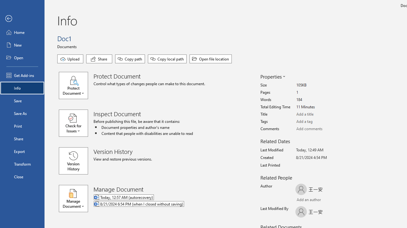 Image resolution: width=407 pixels, height=228 pixels. What do you see at coordinates (22, 18) in the screenshot?
I see `'Back'` at bounding box center [22, 18].